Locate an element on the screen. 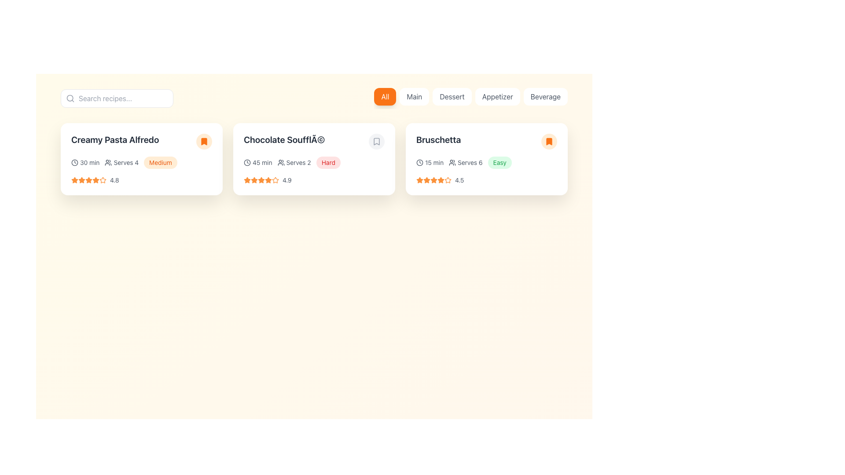 This screenshot has height=475, width=845. the bookmark button located in the top-right corner of the 'Chocolate Soufflé' card to trigger the tooltip or highlight effect is located at coordinates (376, 141).